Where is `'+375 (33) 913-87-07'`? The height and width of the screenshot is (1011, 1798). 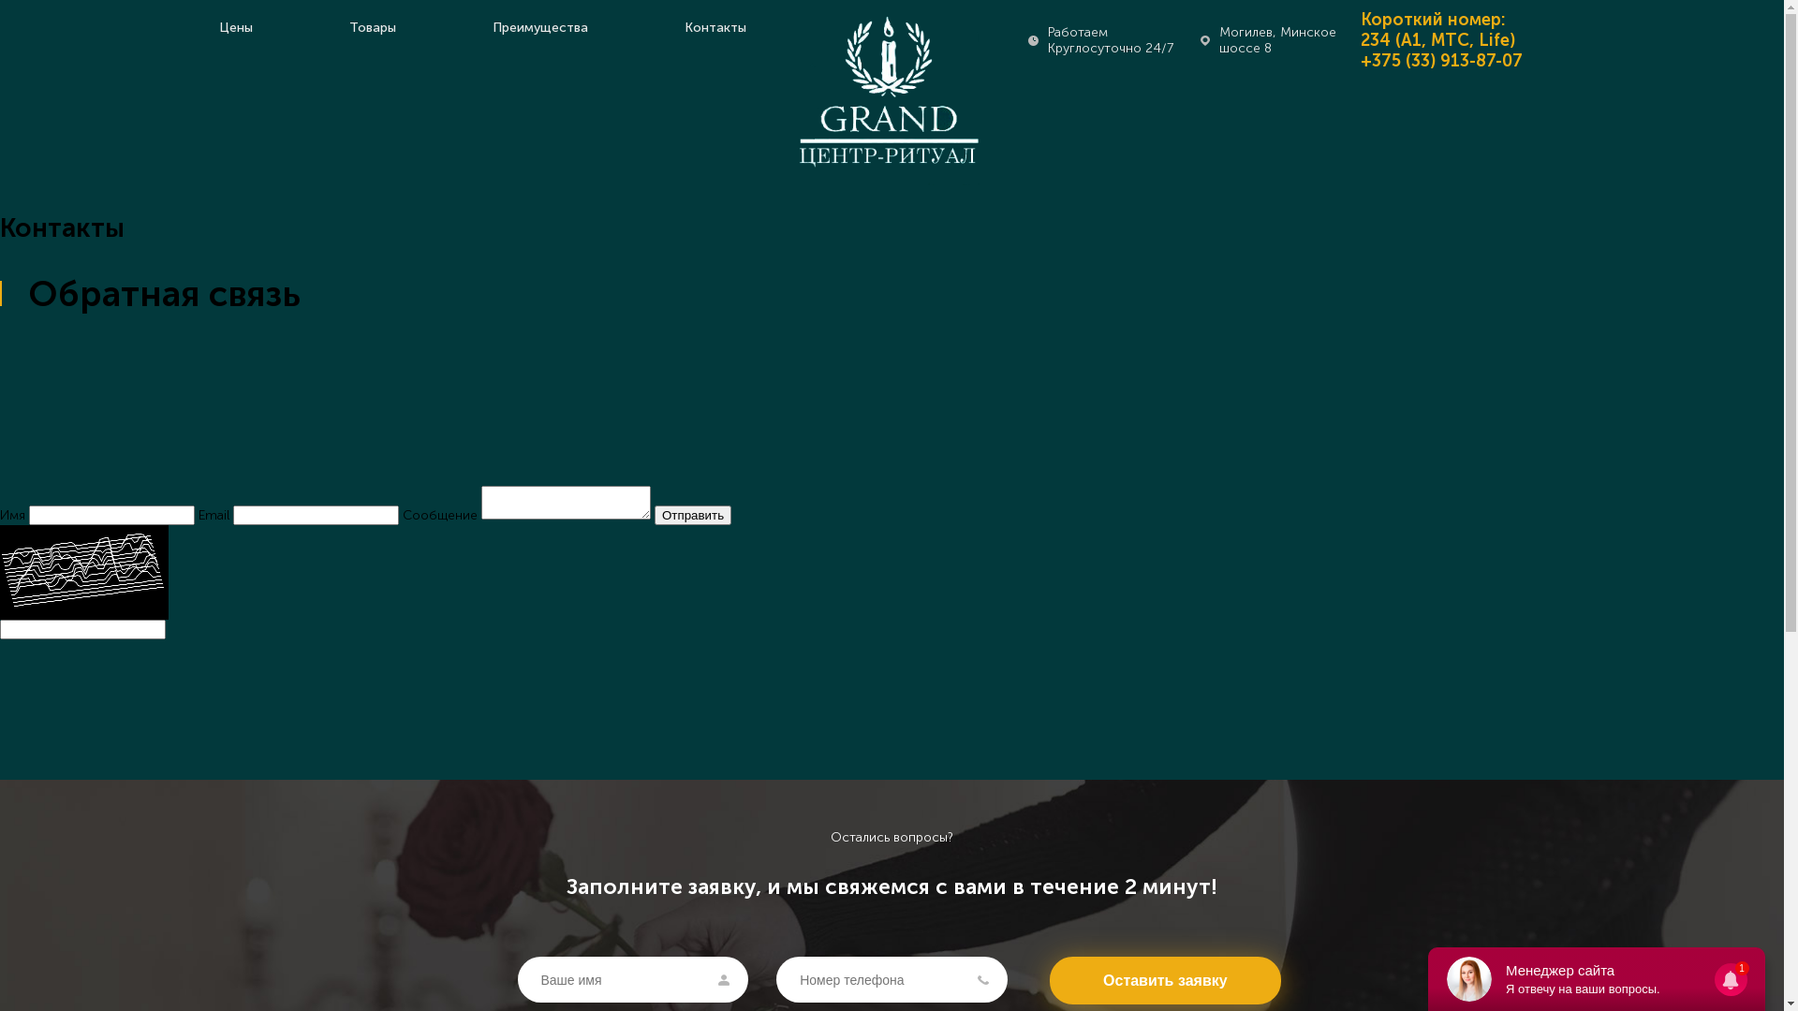 '+375 (33) 913-87-07' is located at coordinates (1439, 60).